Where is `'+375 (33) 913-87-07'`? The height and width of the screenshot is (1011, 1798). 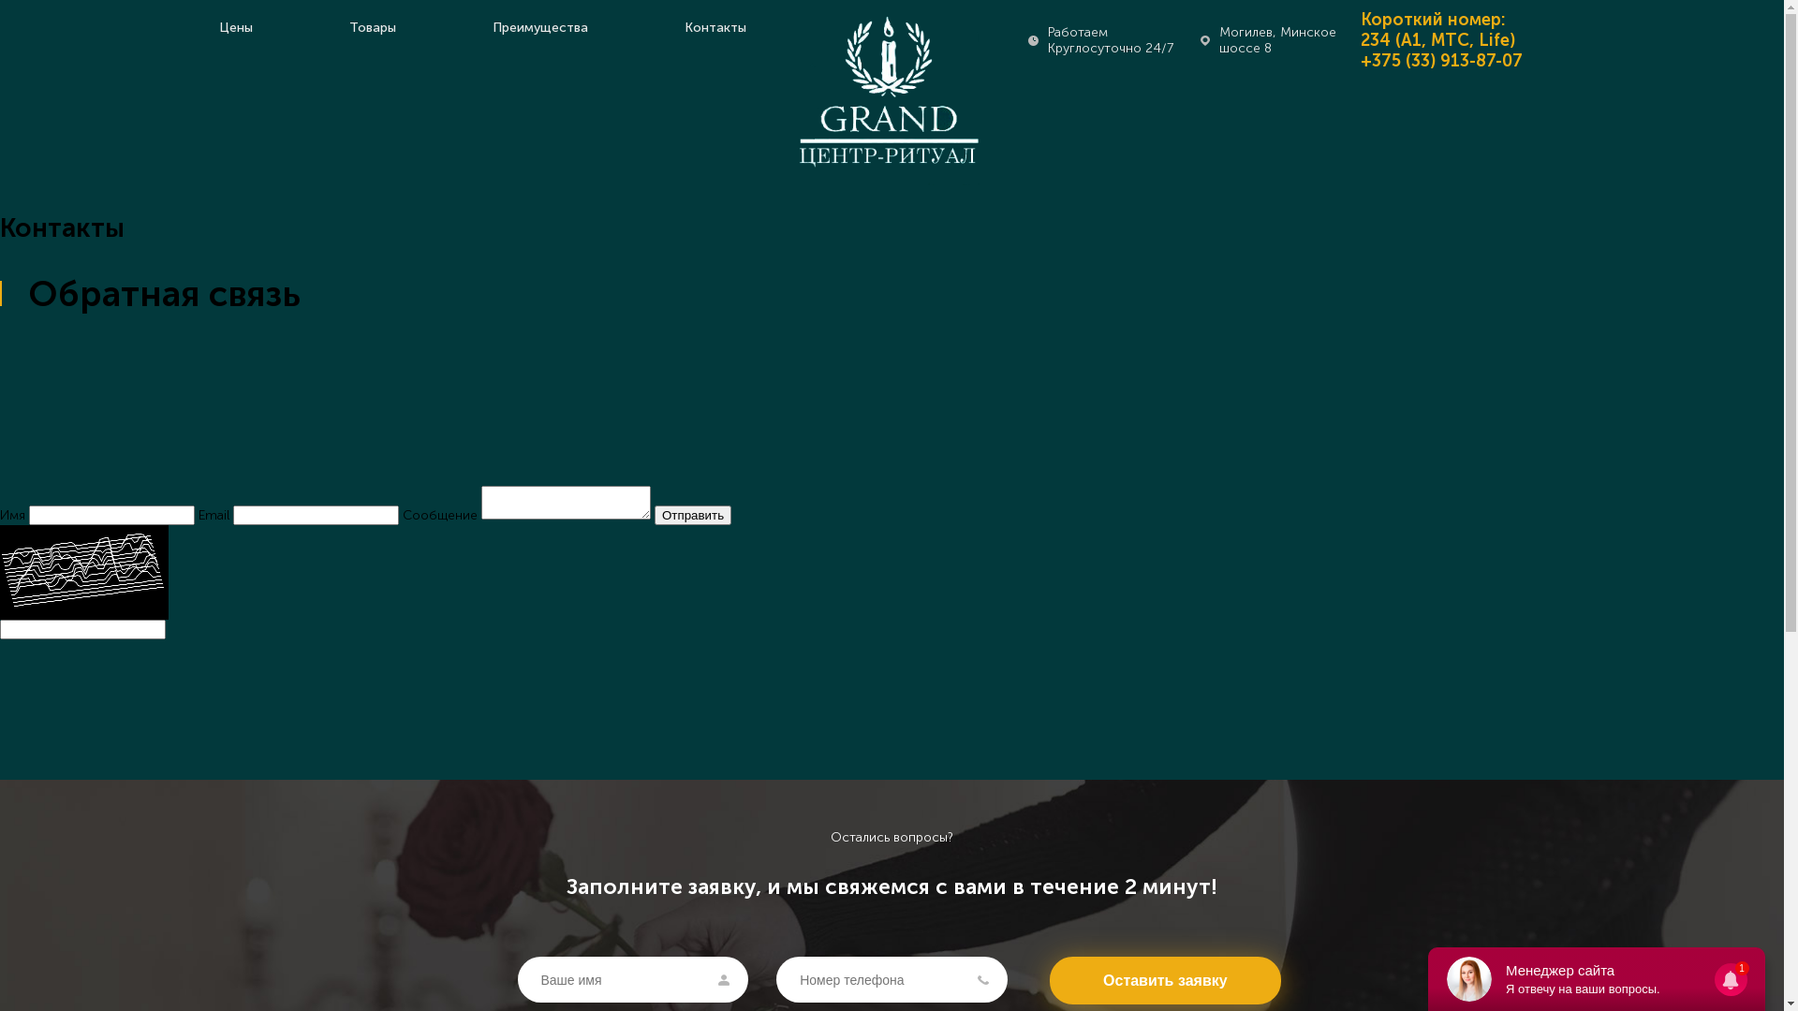 '+375 (33) 913-87-07' is located at coordinates (1439, 60).